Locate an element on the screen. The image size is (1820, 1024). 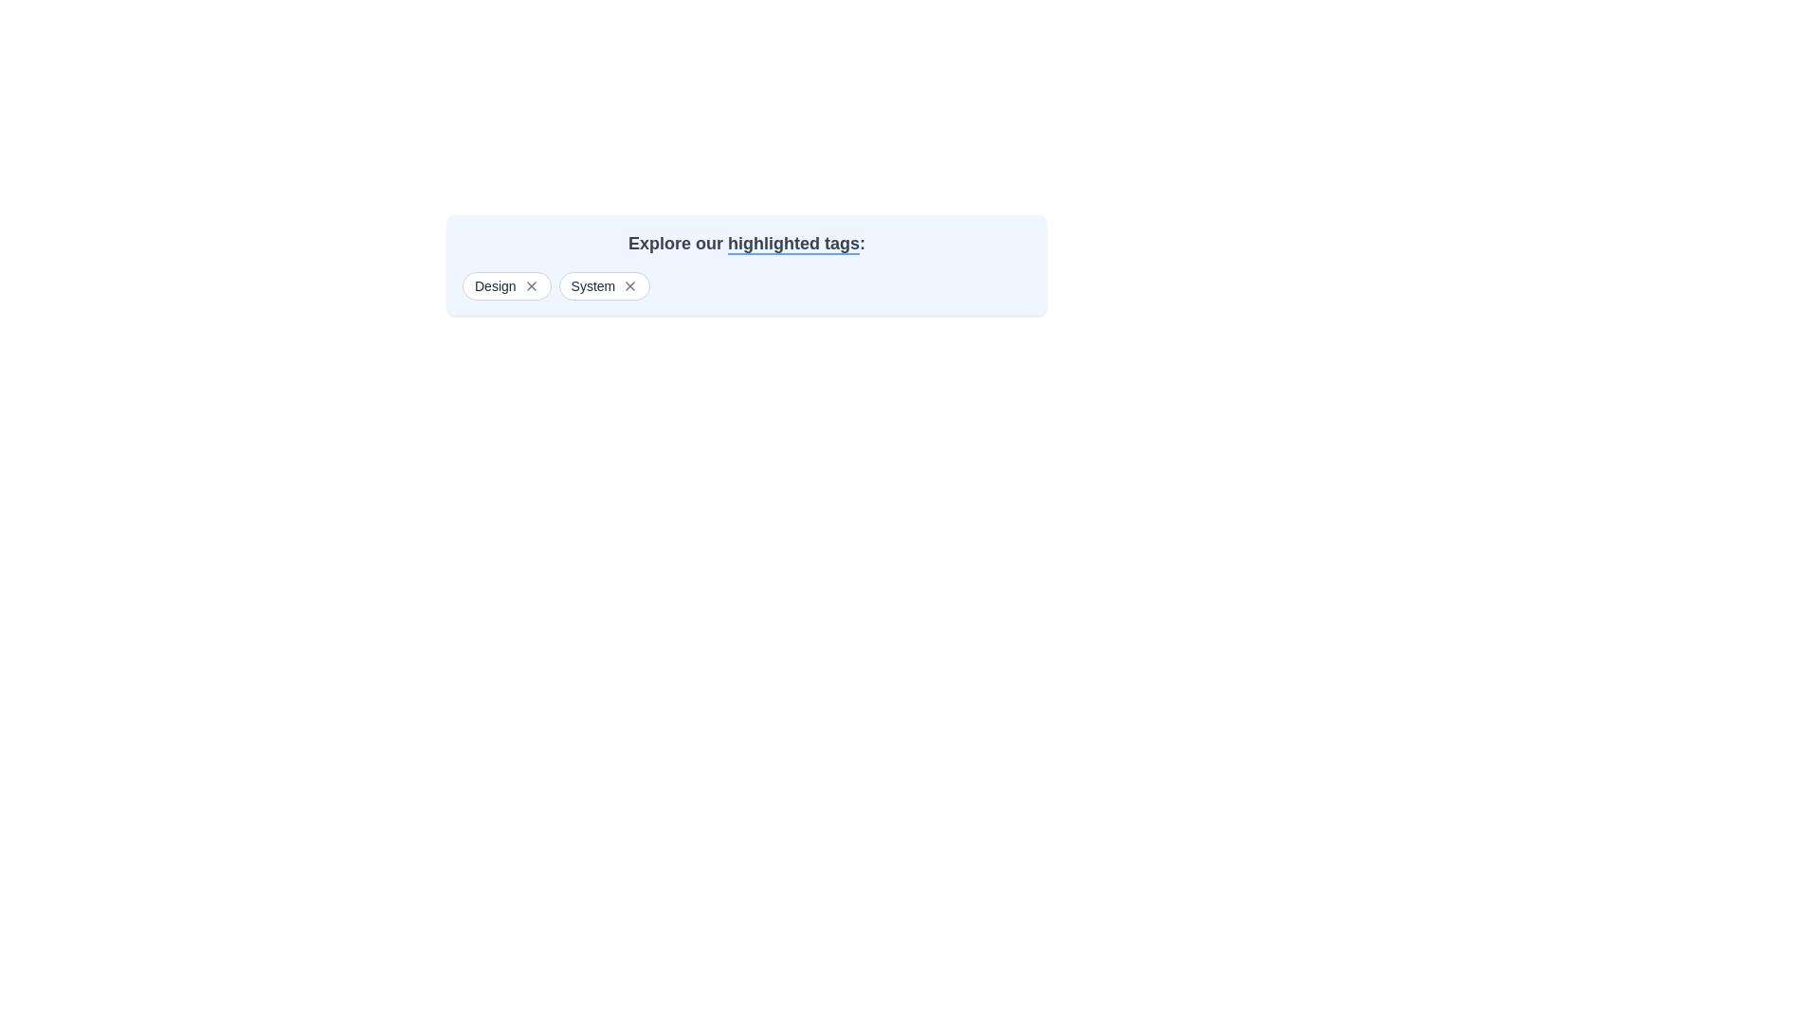
the non-interactive text label that emphasizes 'highlighted tags' in the phrase 'Explore our highlighted tags:' is located at coordinates (793, 244).